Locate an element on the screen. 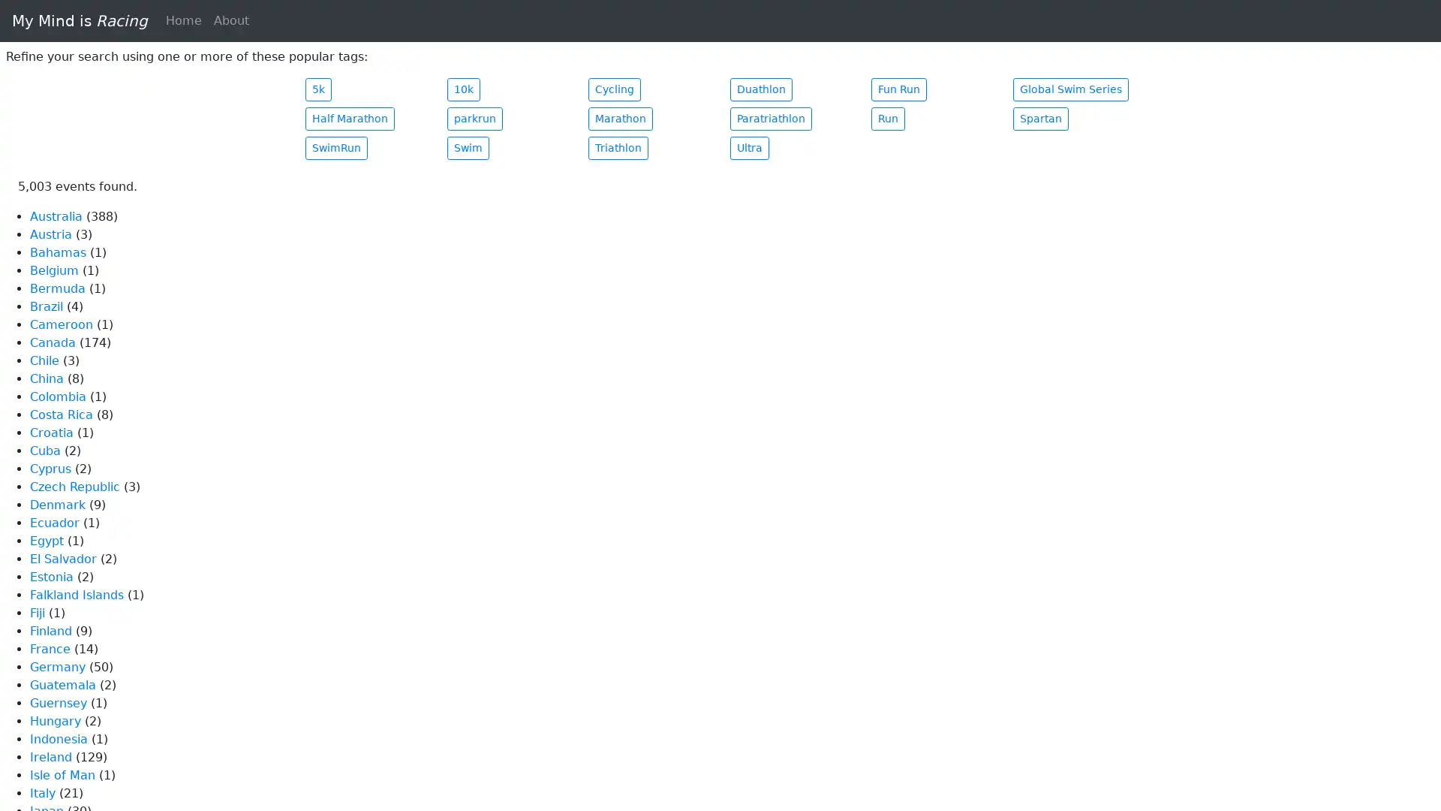 This screenshot has height=811, width=1441. Triathlon is located at coordinates (618, 148).